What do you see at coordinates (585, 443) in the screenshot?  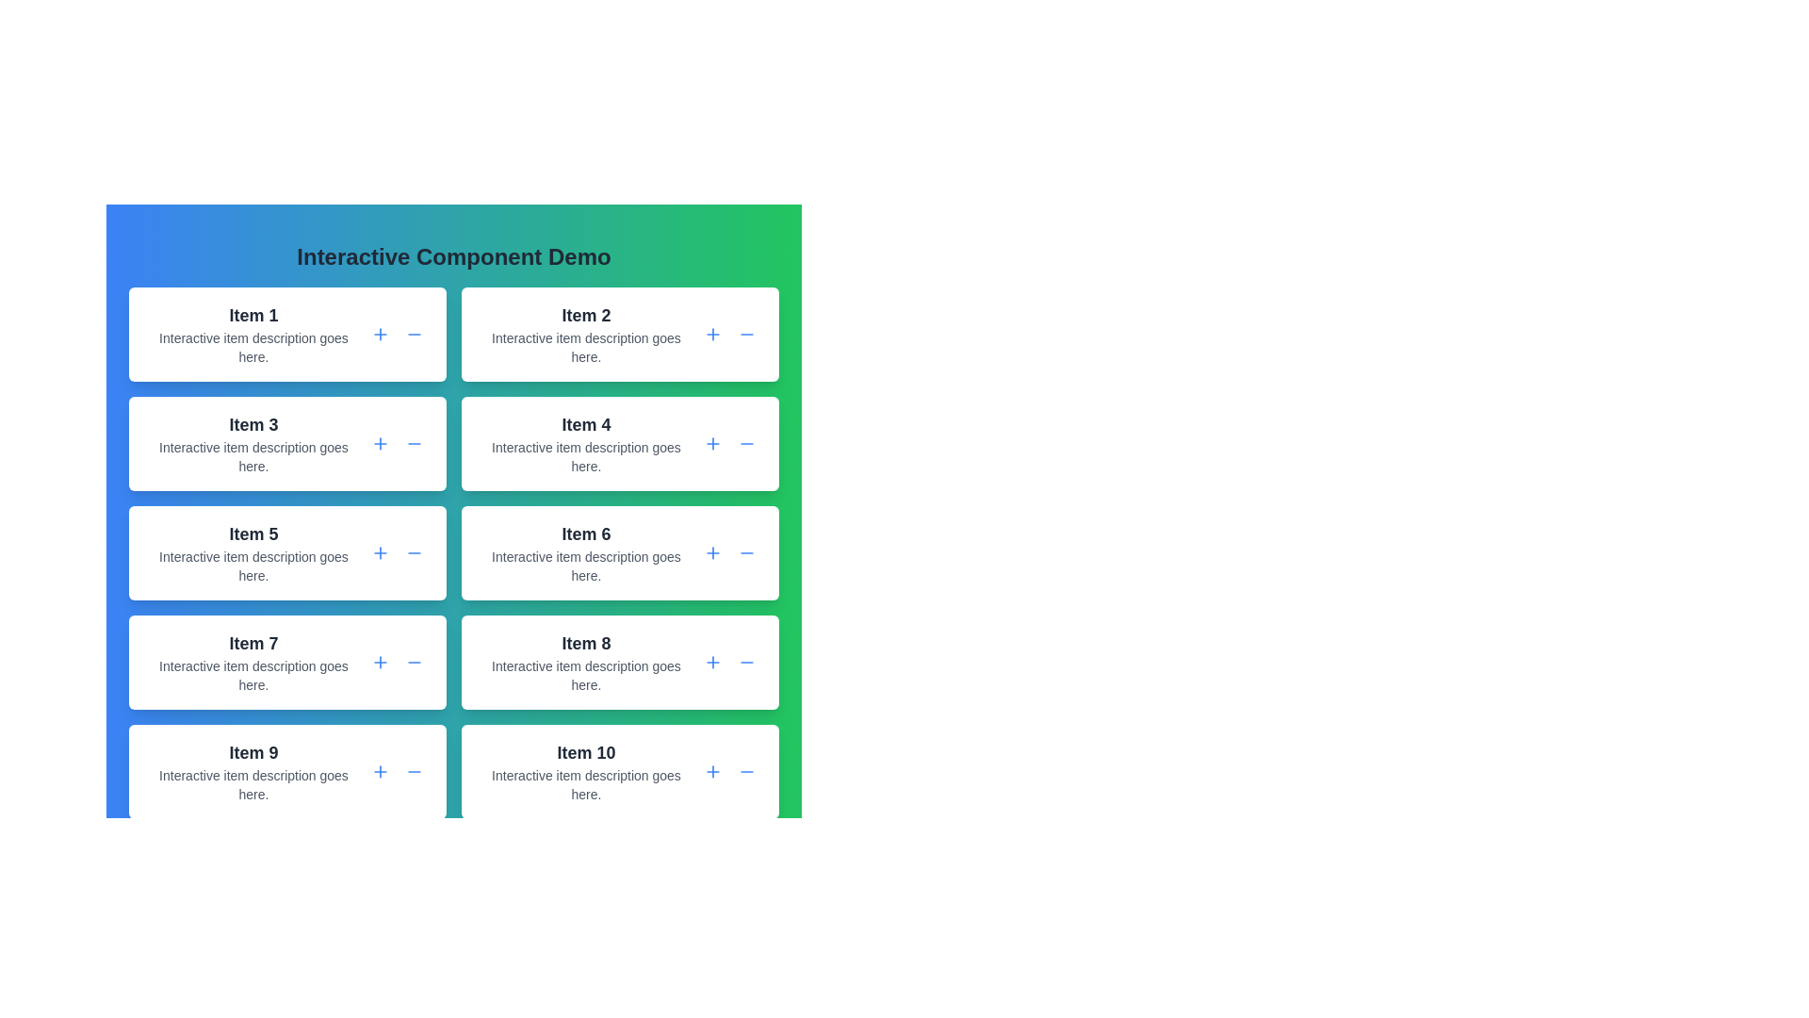 I see `the text block containing 'Item 4' and its description for accessibility purposes` at bounding box center [585, 443].